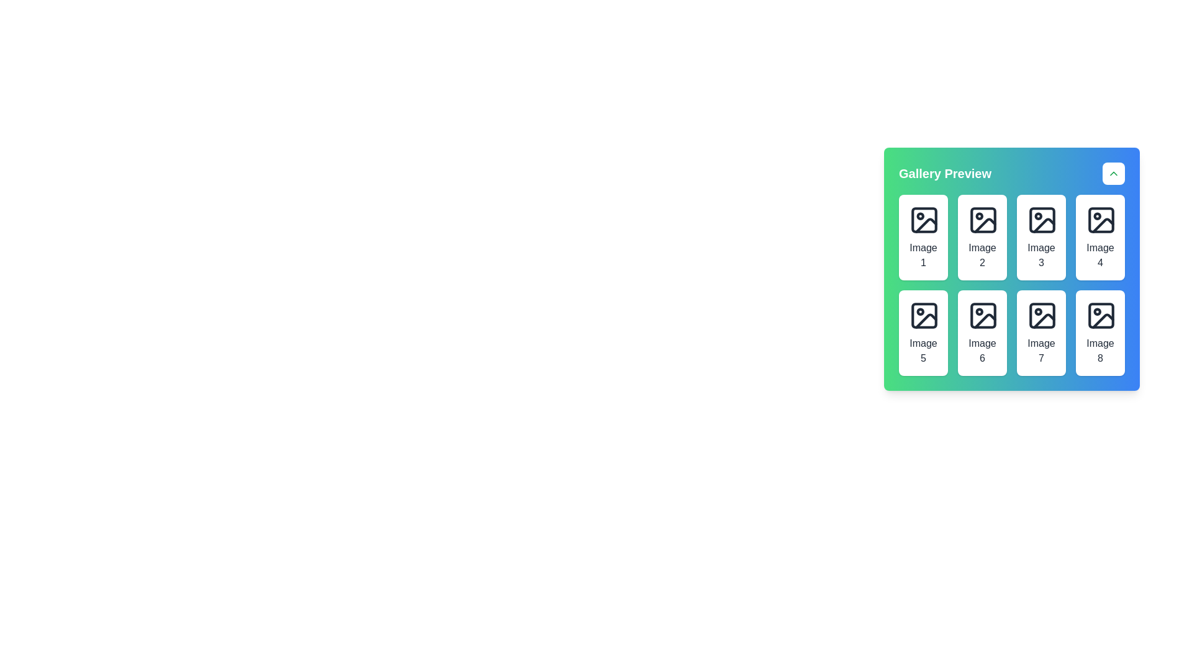  I want to click on the small button with a white circular background and a green upward-pointing chevron icon, located in the top-right corner of the 'Gallery Preview' section, so click(1114, 174).